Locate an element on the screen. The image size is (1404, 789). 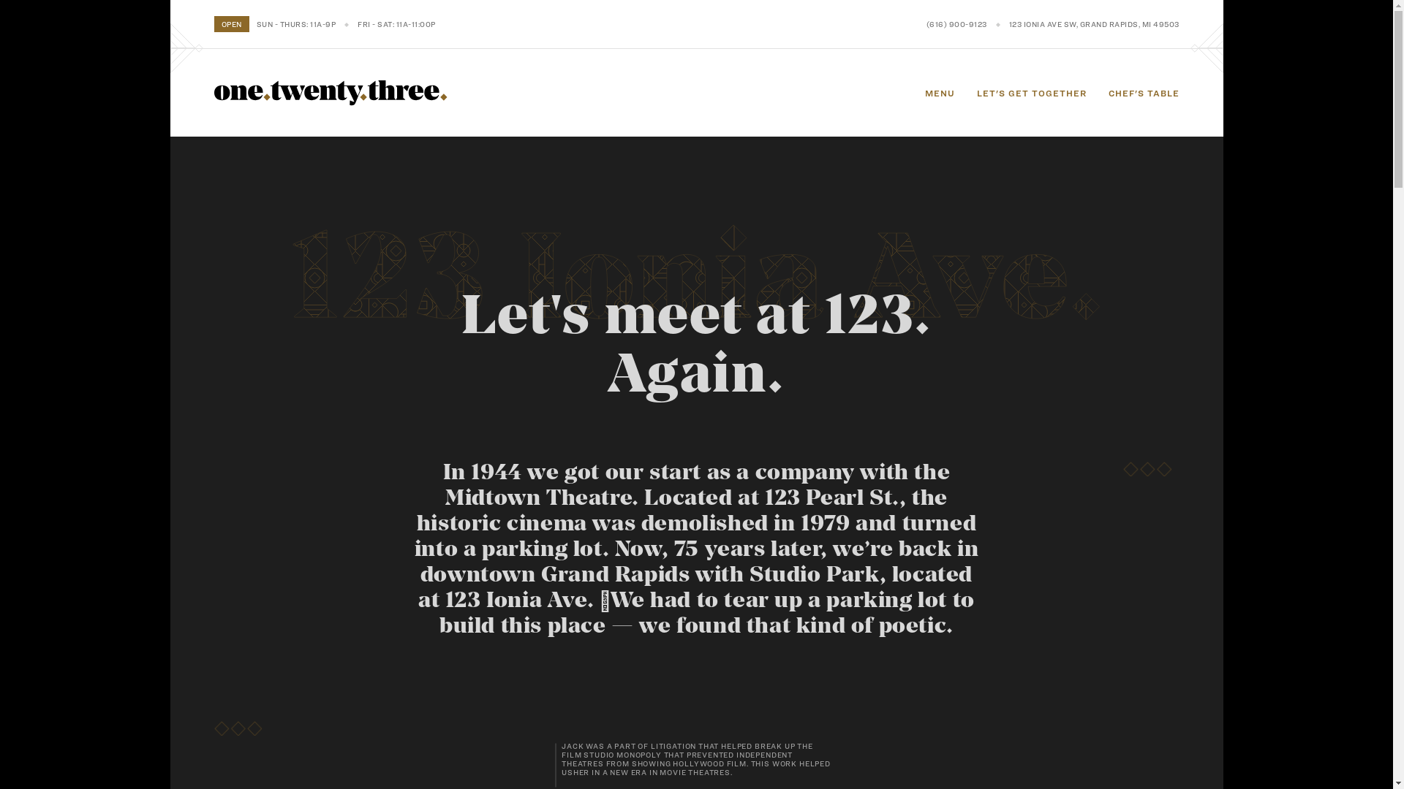
'(616) 900-9123' is located at coordinates (956, 24).